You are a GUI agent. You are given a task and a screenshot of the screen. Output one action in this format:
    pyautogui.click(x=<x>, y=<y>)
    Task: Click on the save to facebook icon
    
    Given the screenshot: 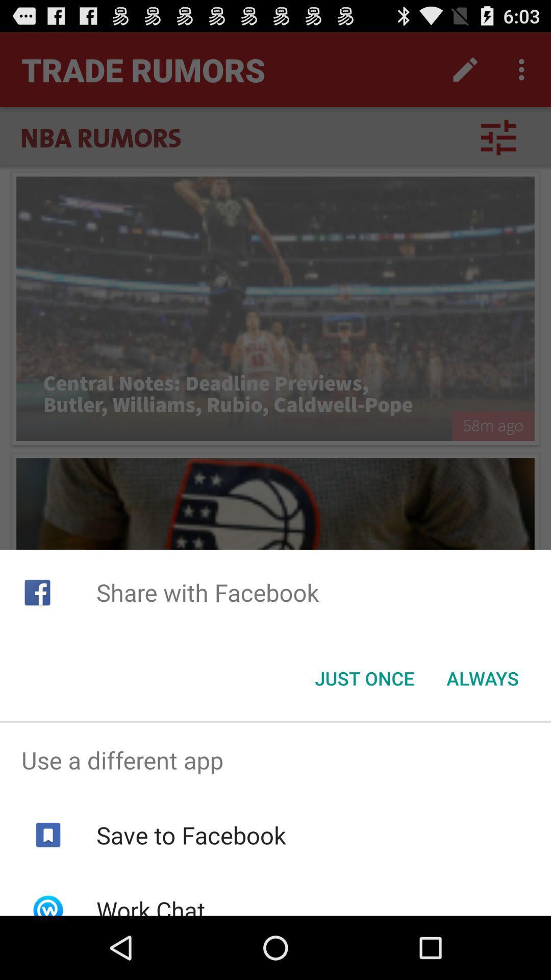 What is the action you would take?
    pyautogui.click(x=191, y=835)
    